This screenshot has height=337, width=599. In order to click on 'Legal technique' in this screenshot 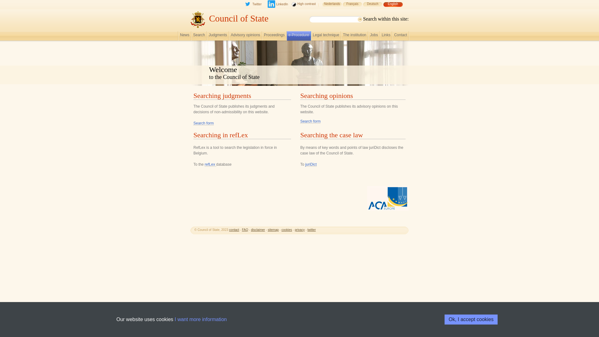, I will do `click(326, 37)`.